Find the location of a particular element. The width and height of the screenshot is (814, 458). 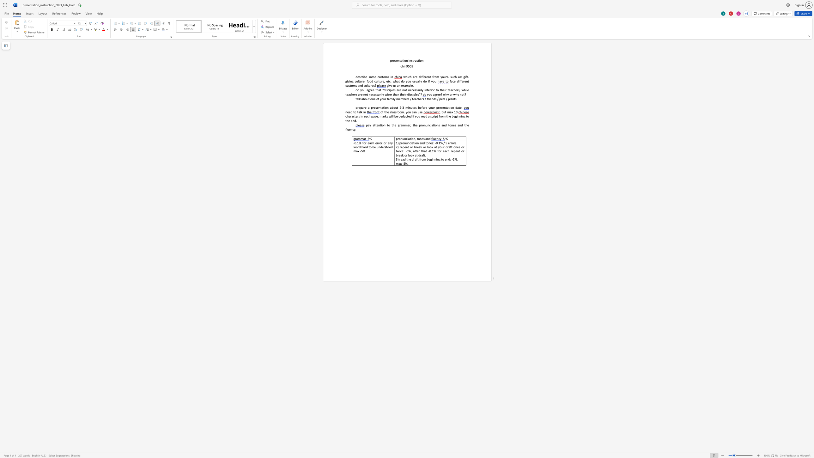

the space between the continuous character "x" and "a" in the text is located at coordinates (404, 85).